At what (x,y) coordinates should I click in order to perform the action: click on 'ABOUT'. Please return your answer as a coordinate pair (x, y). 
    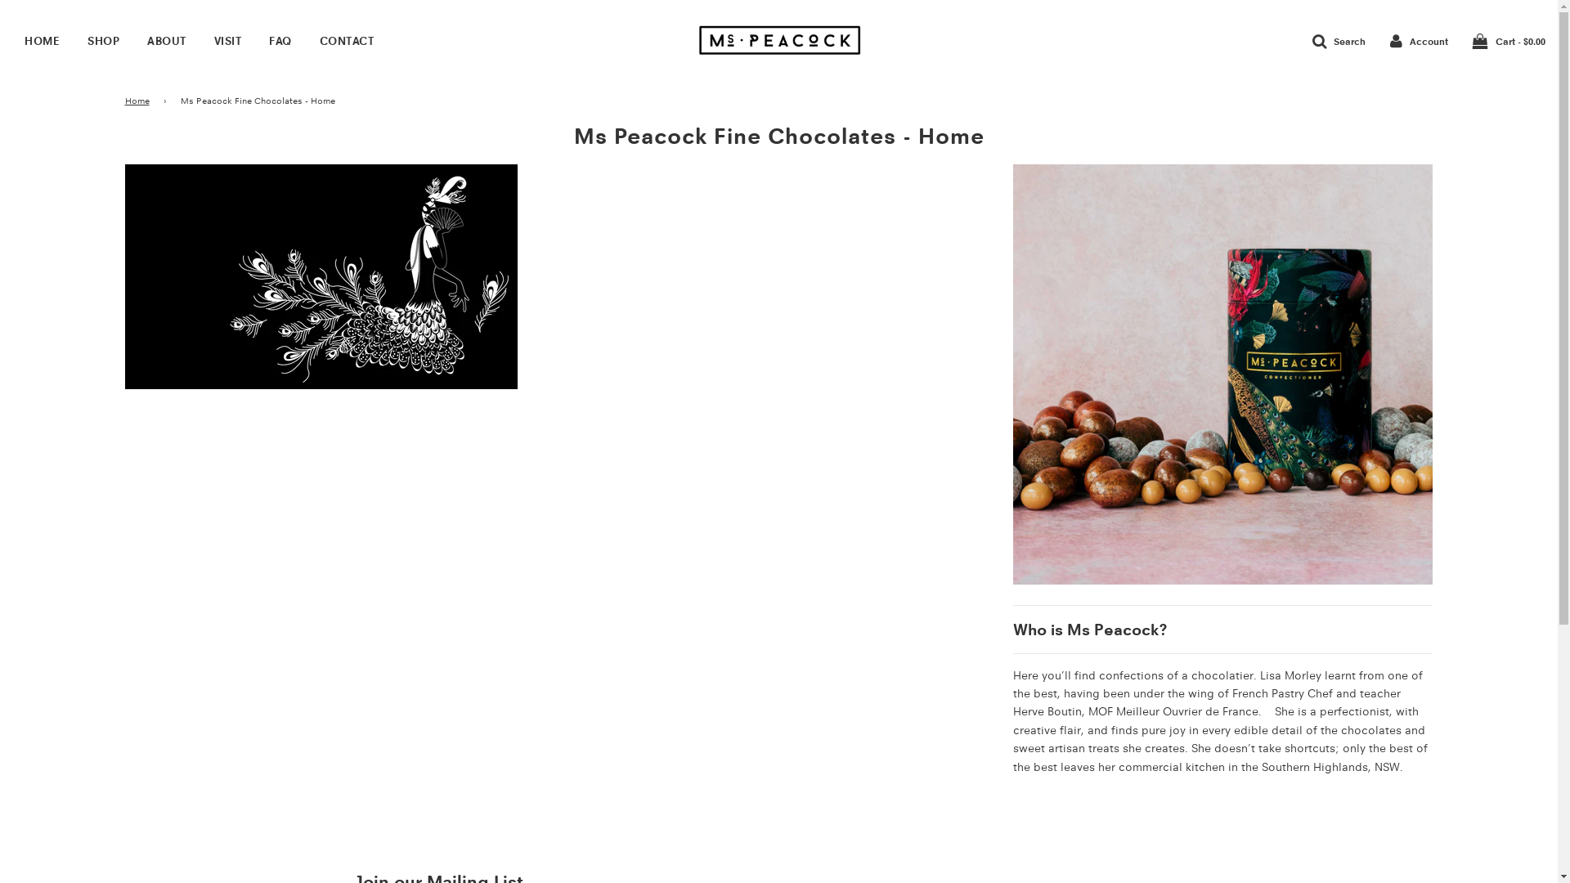
    Looking at the image, I should click on (166, 40).